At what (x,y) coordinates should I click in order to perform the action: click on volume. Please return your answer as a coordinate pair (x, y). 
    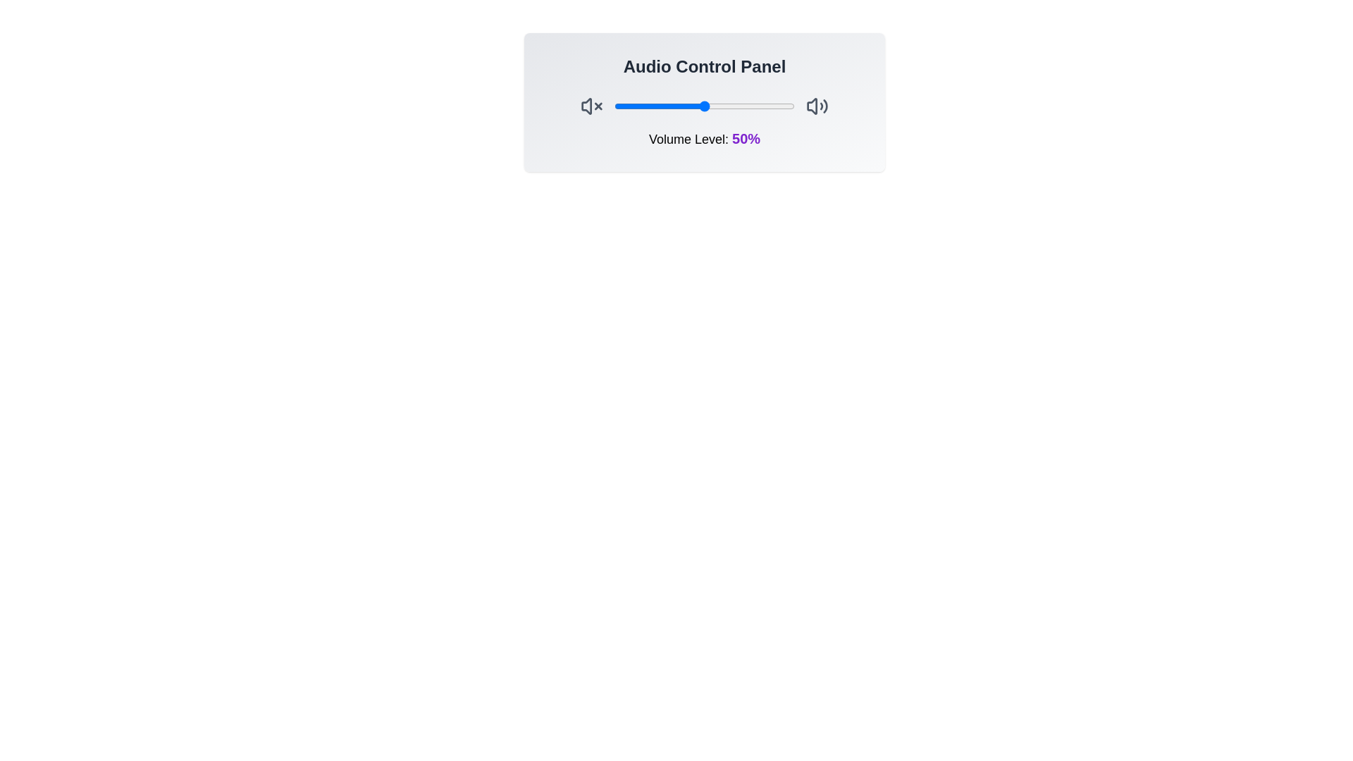
    Looking at the image, I should click on (772, 105).